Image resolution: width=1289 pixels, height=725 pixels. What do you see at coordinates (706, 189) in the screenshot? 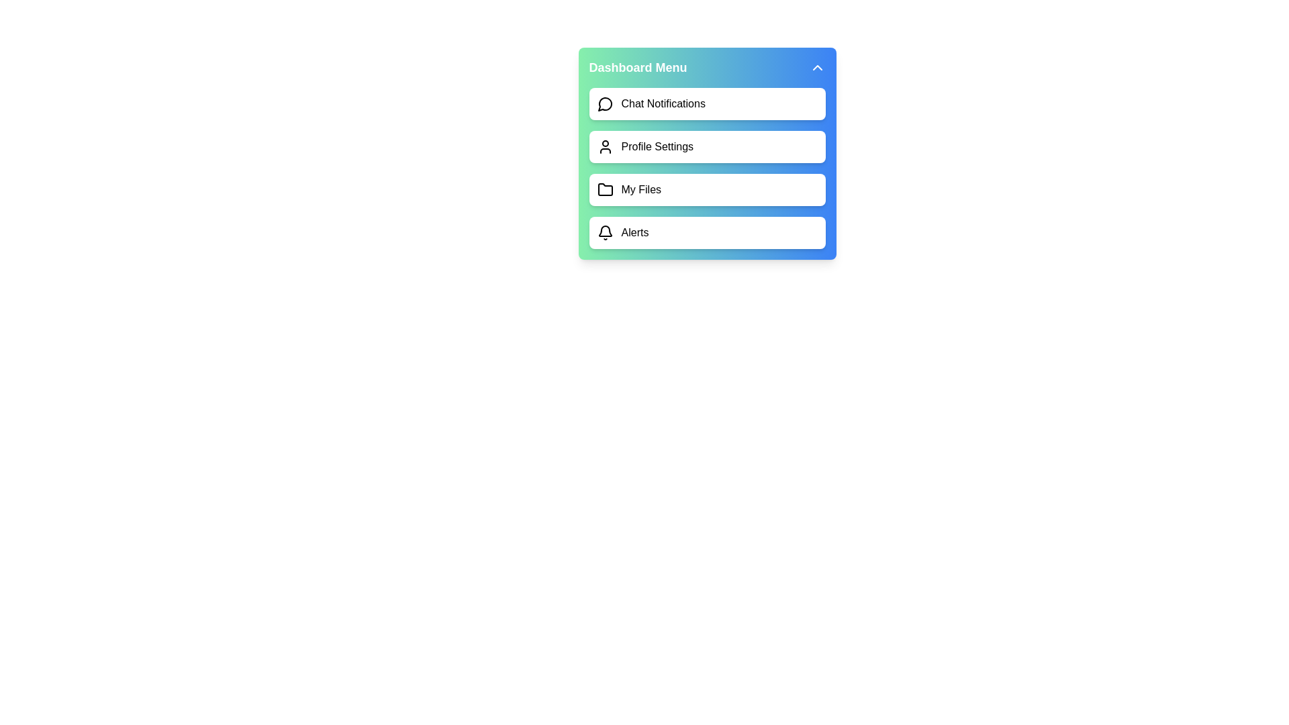
I see `the menu item My Files to observe its hover effect` at bounding box center [706, 189].